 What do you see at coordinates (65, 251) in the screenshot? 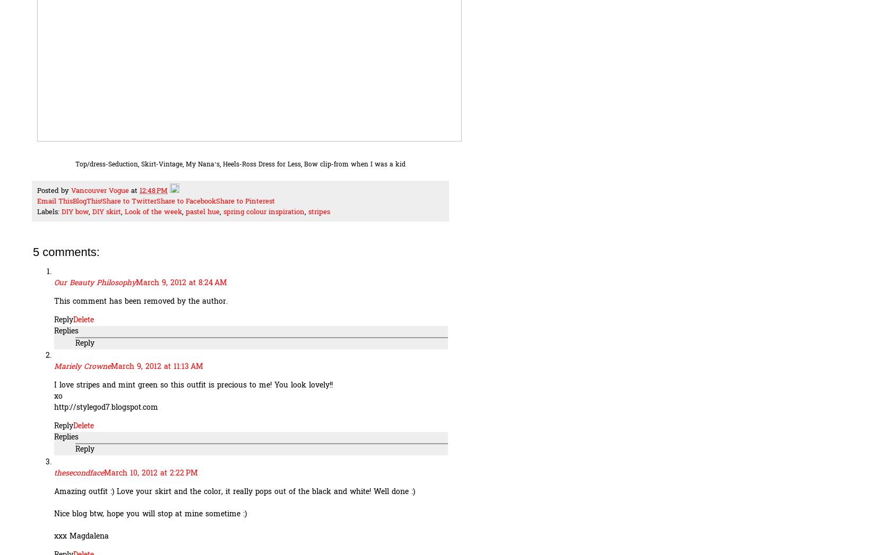
I see `'5 comments:'` at bounding box center [65, 251].